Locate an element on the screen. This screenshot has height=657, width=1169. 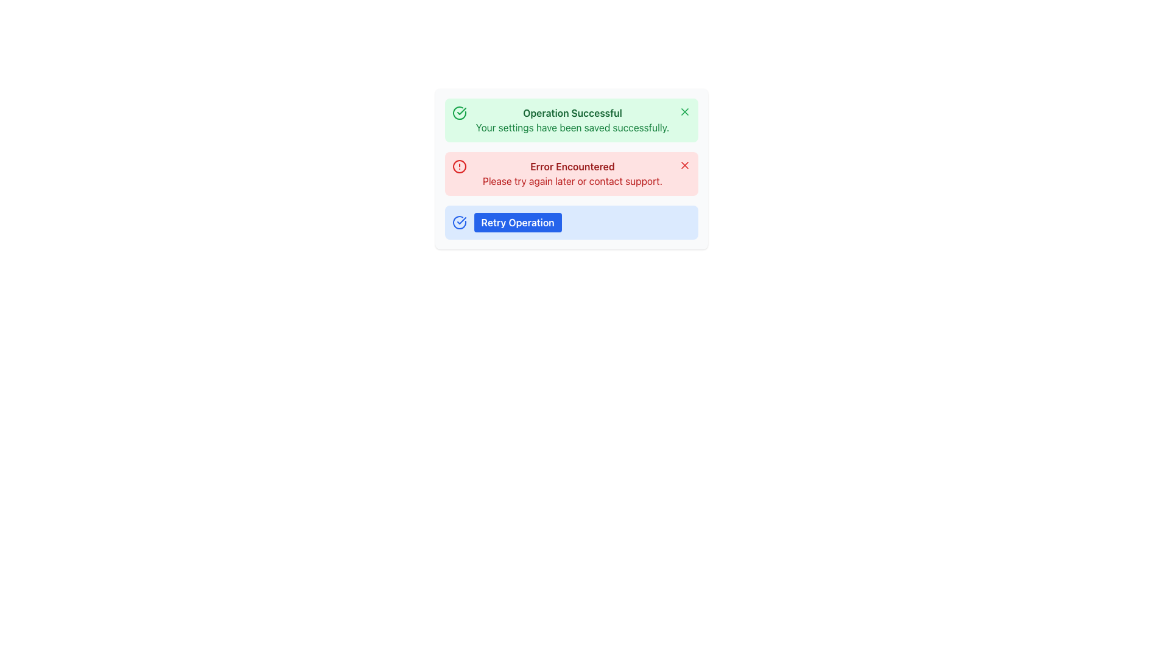
the static success message indicating that settings were saved, which is positioned below the heading 'Operation Successful' is located at coordinates (572, 127).